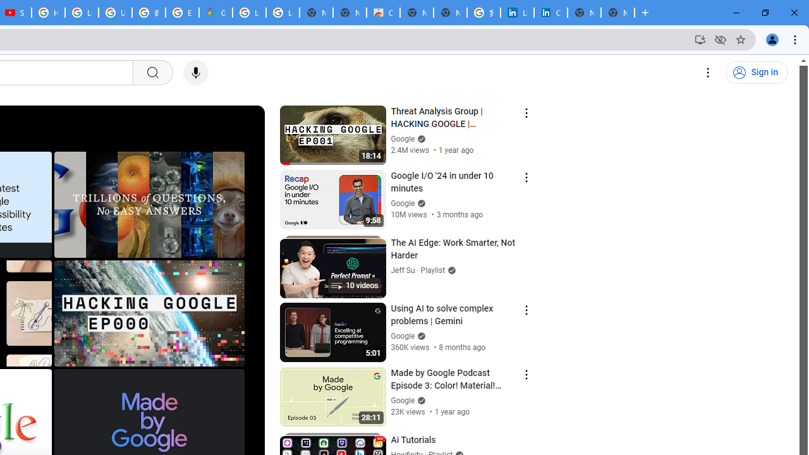  I want to click on 'Verified', so click(420, 400).